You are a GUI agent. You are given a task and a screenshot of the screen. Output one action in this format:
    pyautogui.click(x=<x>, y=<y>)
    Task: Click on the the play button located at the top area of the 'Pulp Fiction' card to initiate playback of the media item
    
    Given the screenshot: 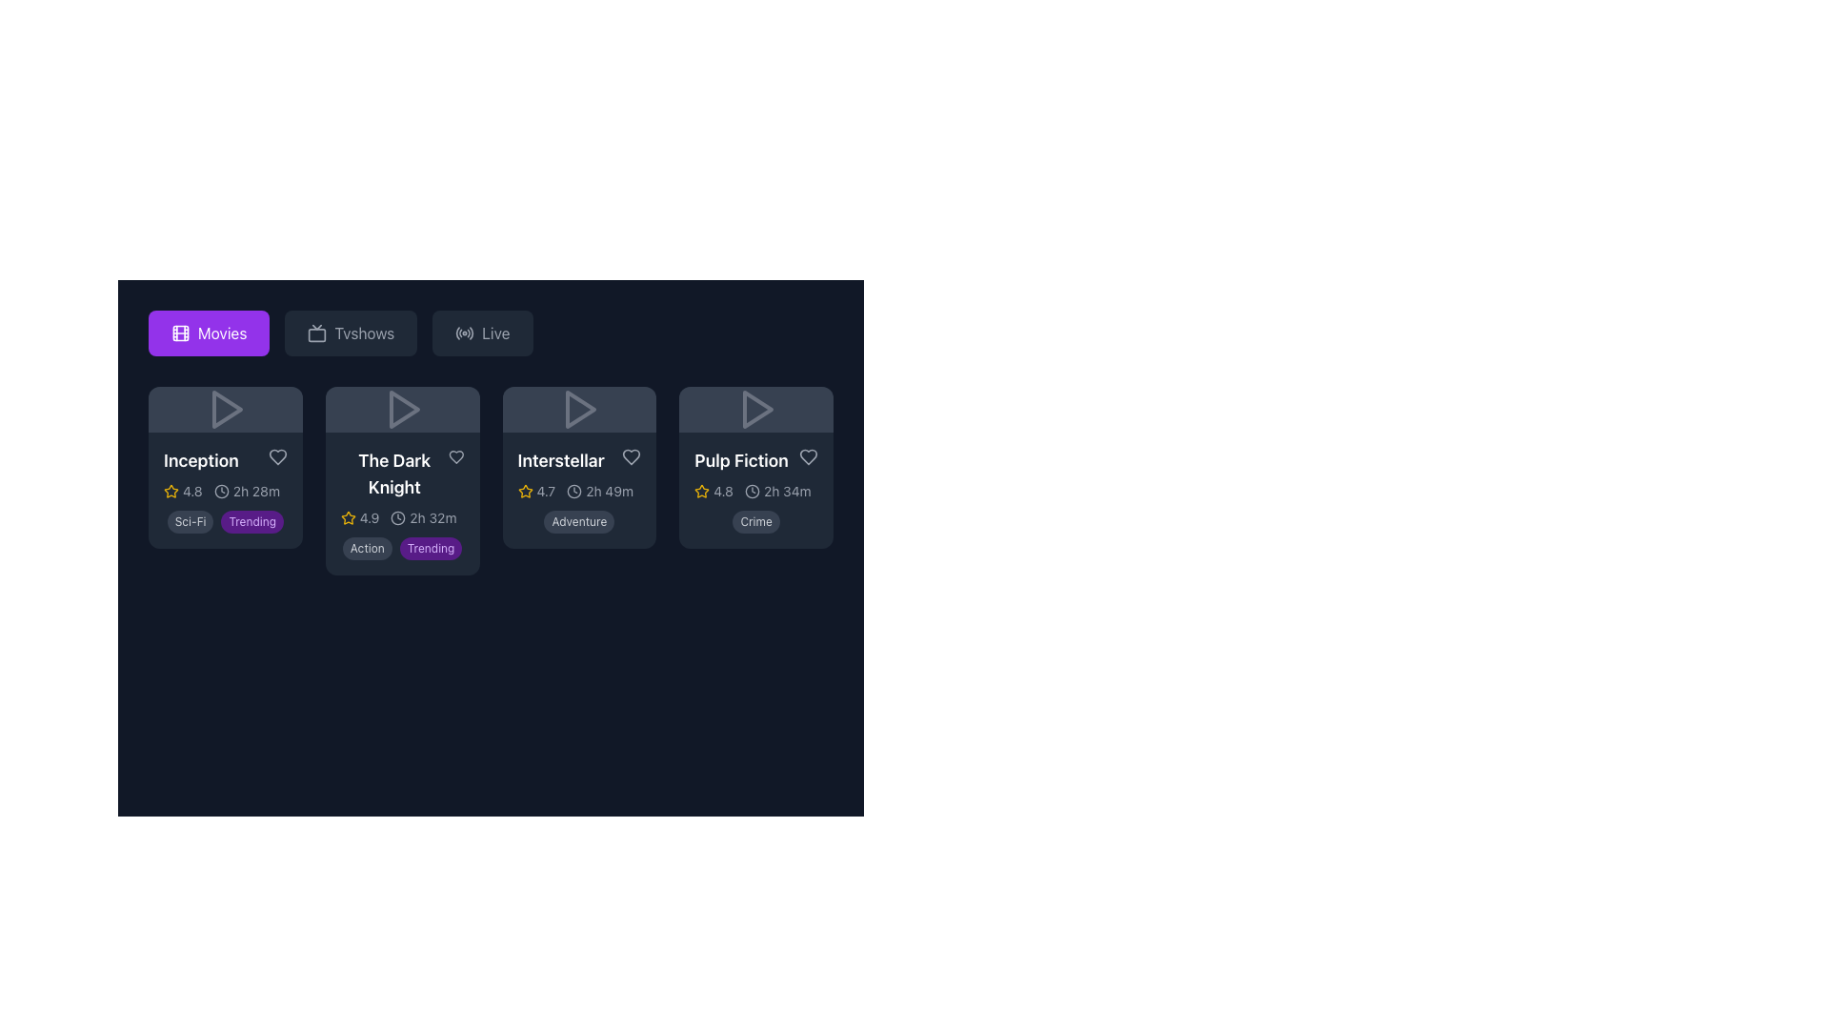 What is the action you would take?
    pyautogui.click(x=757, y=408)
    